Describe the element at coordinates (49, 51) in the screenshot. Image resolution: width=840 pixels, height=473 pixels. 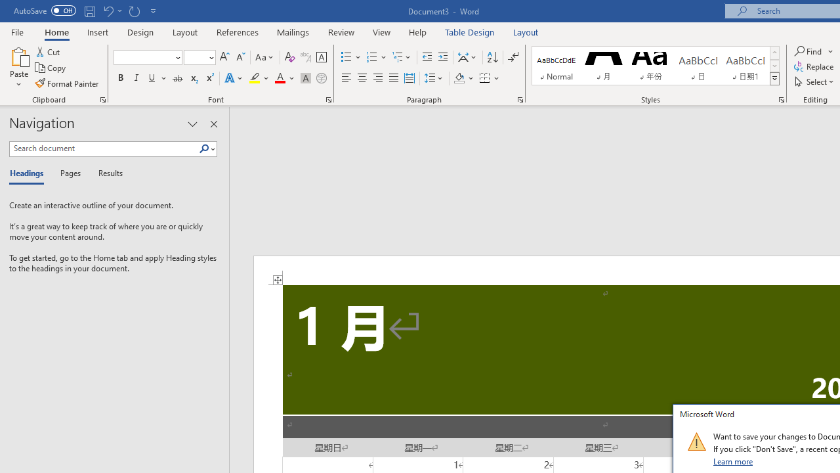
I see `'Cut'` at that location.